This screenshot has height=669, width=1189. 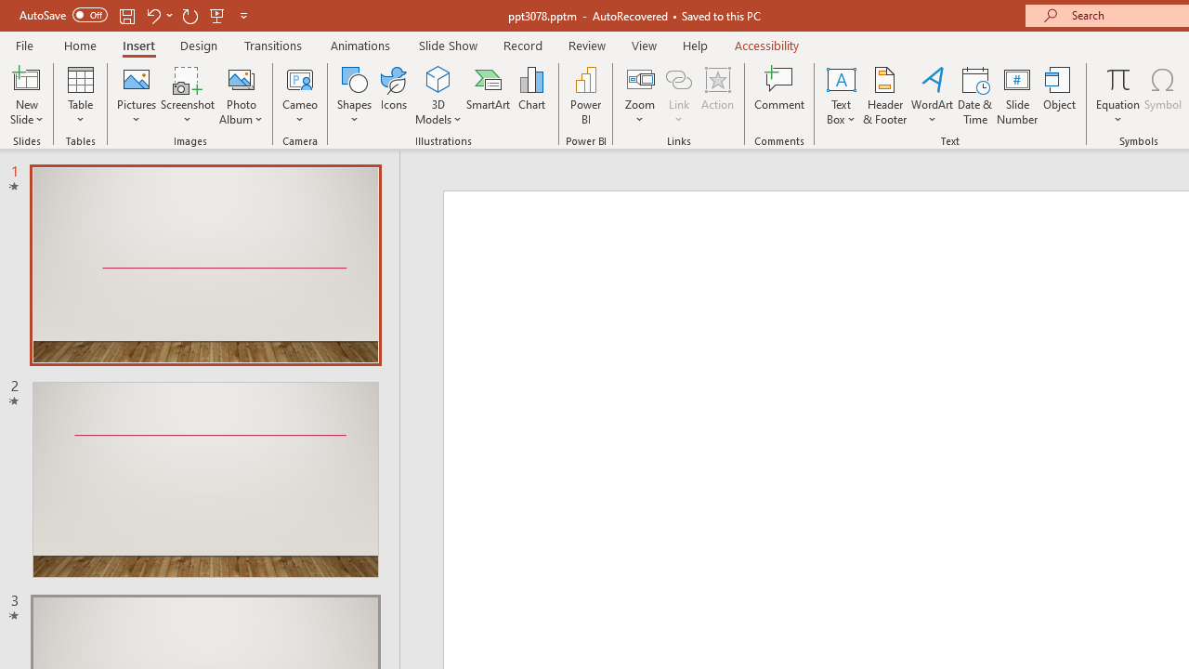 I want to click on 'WordArt', so click(x=933, y=96).